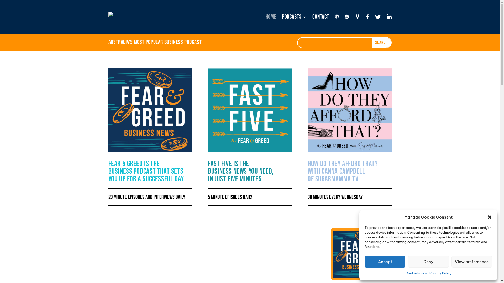 The width and height of the screenshot is (504, 283). Describe the element at coordinates (294, 17) in the screenshot. I see `'PODCASTS'` at that location.